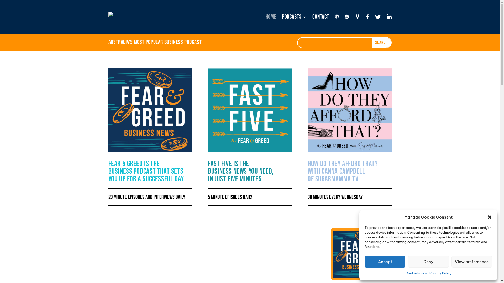 The width and height of the screenshot is (504, 283). Describe the element at coordinates (294, 17) in the screenshot. I see `'PODCASTS'` at that location.